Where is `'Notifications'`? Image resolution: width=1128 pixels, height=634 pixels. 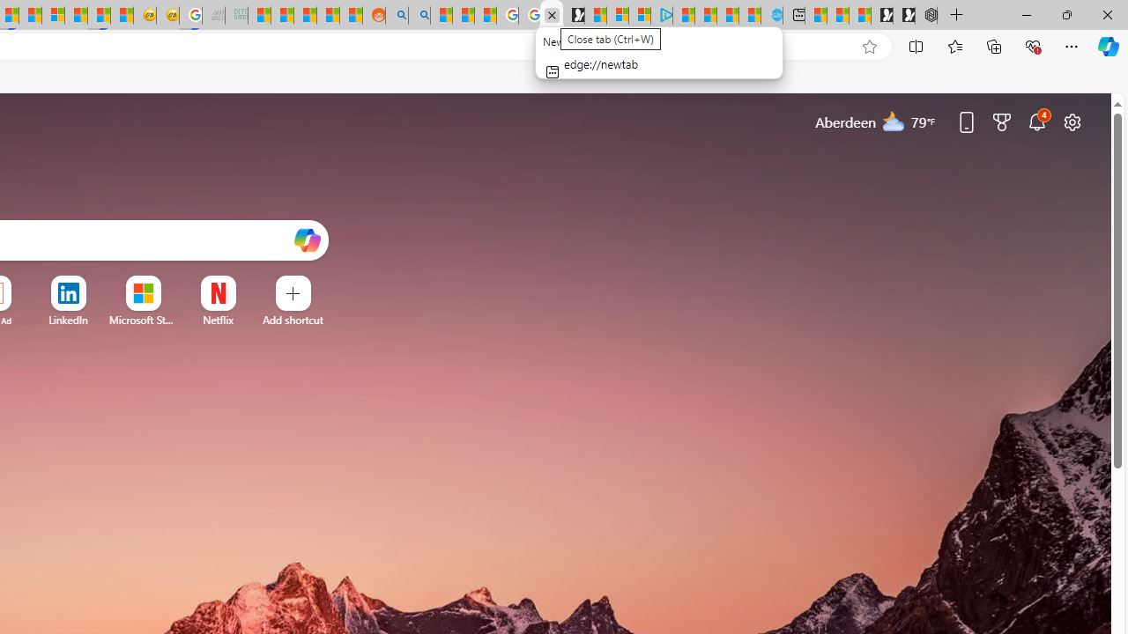
'Notifications' is located at coordinates (1036, 121).